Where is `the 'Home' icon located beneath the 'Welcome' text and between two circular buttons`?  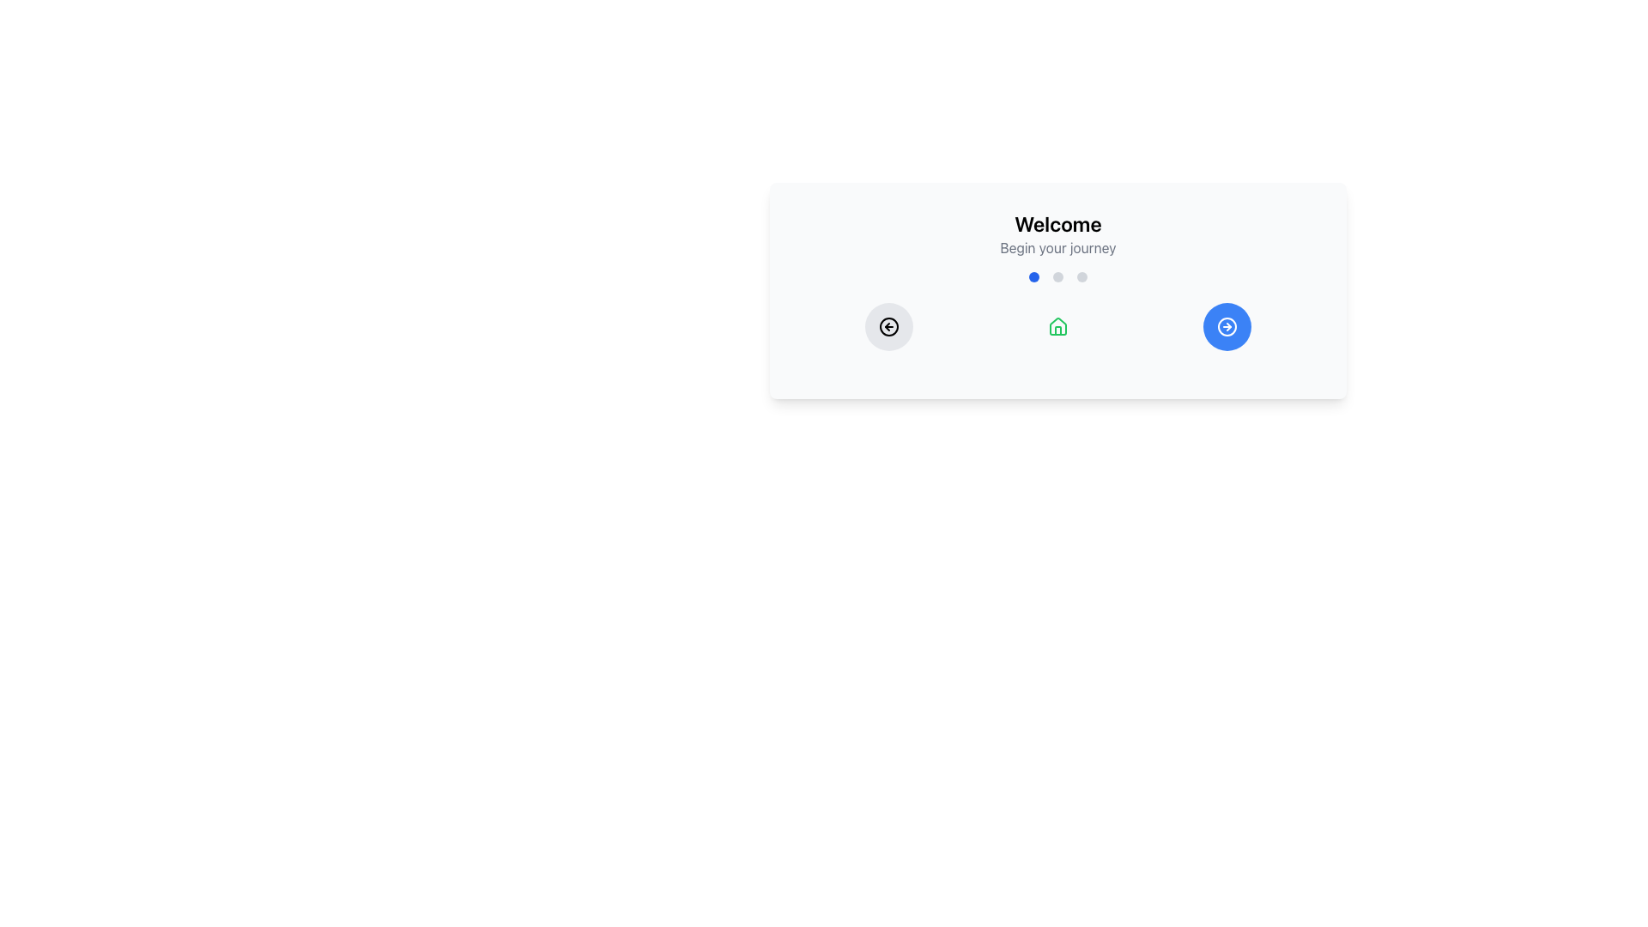
the 'Home' icon located beneath the 'Welcome' text and between two circular buttons is located at coordinates (1057, 327).